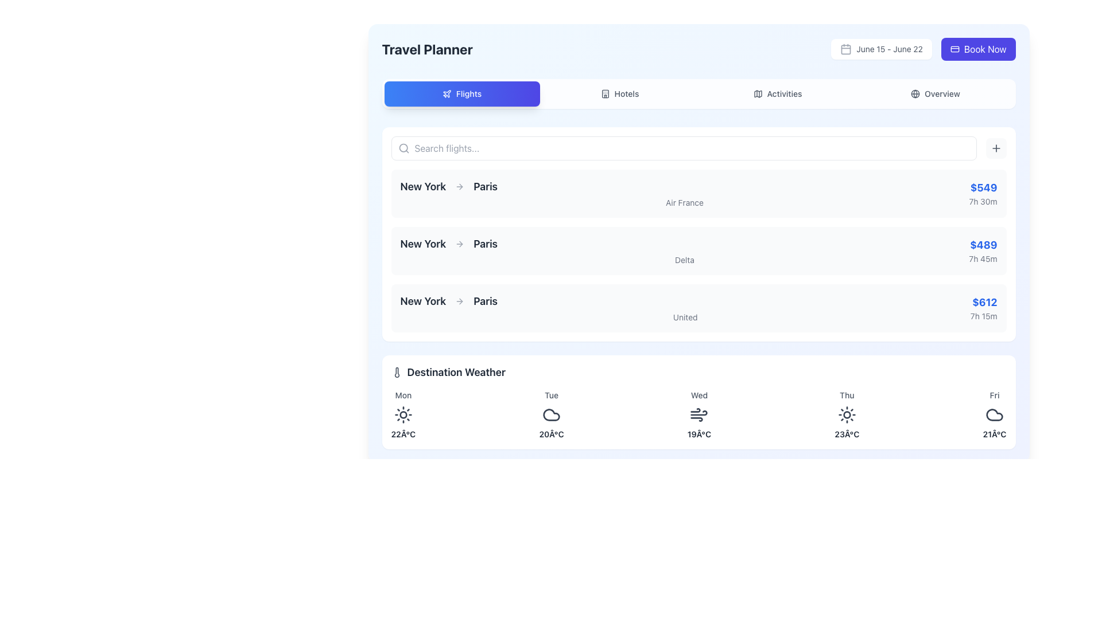 The image size is (1102, 619). Describe the element at coordinates (994, 434) in the screenshot. I see `temperature information displayed in the Text label showing '21°C' in the bottom row of the 'Destination Weather' section under the 'Fri' column` at that location.